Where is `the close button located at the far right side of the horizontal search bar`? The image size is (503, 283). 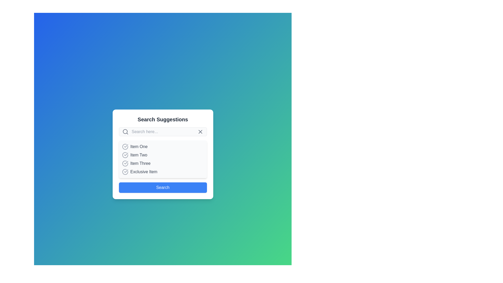 the close button located at the far right side of the horizontal search bar is located at coordinates (200, 131).